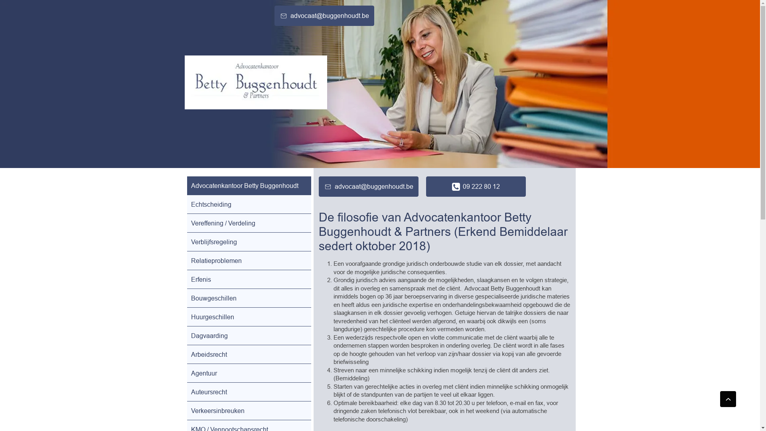  Describe the element at coordinates (476, 186) in the screenshot. I see `'09 222 80 12'` at that location.